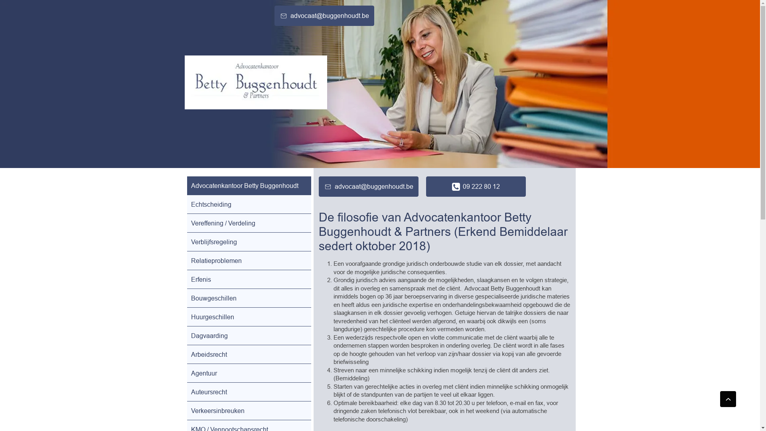  Describe the element at coordinates (476, 186) in the screenshot. I see `'09 222 80 12'` at that location.